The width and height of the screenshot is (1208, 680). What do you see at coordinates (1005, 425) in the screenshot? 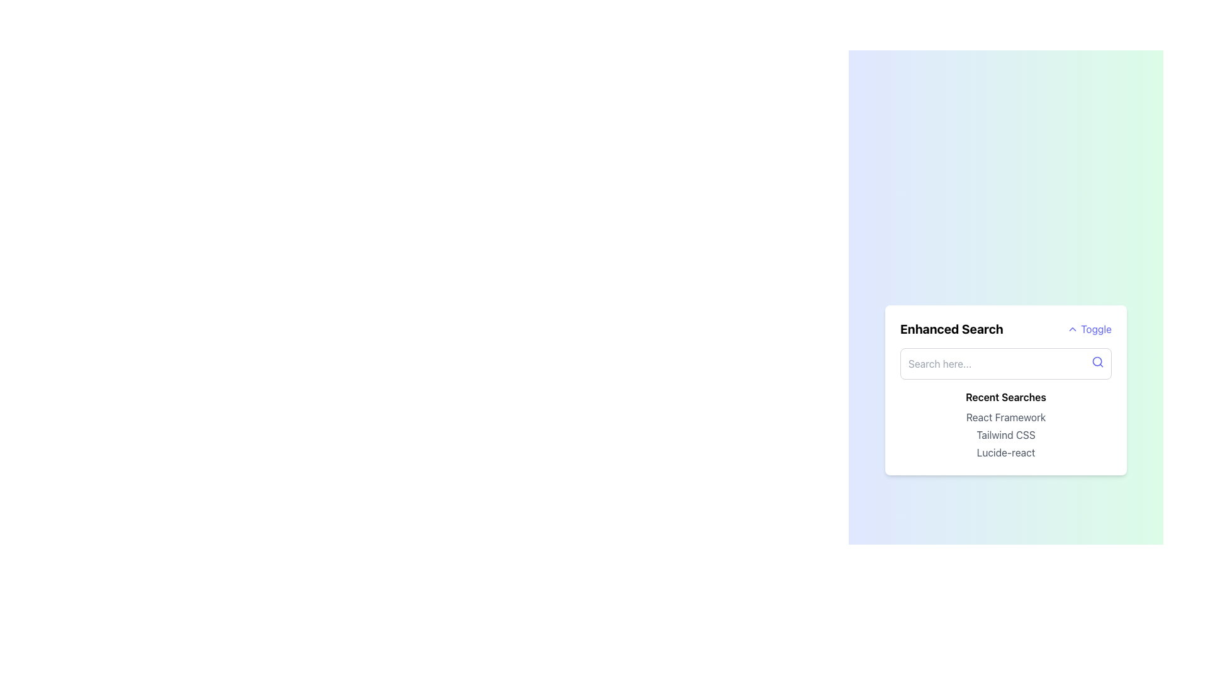
I see `the text content block displaying recent searches, located centrally beneath the search bar` at bounding box center [1005, 425].